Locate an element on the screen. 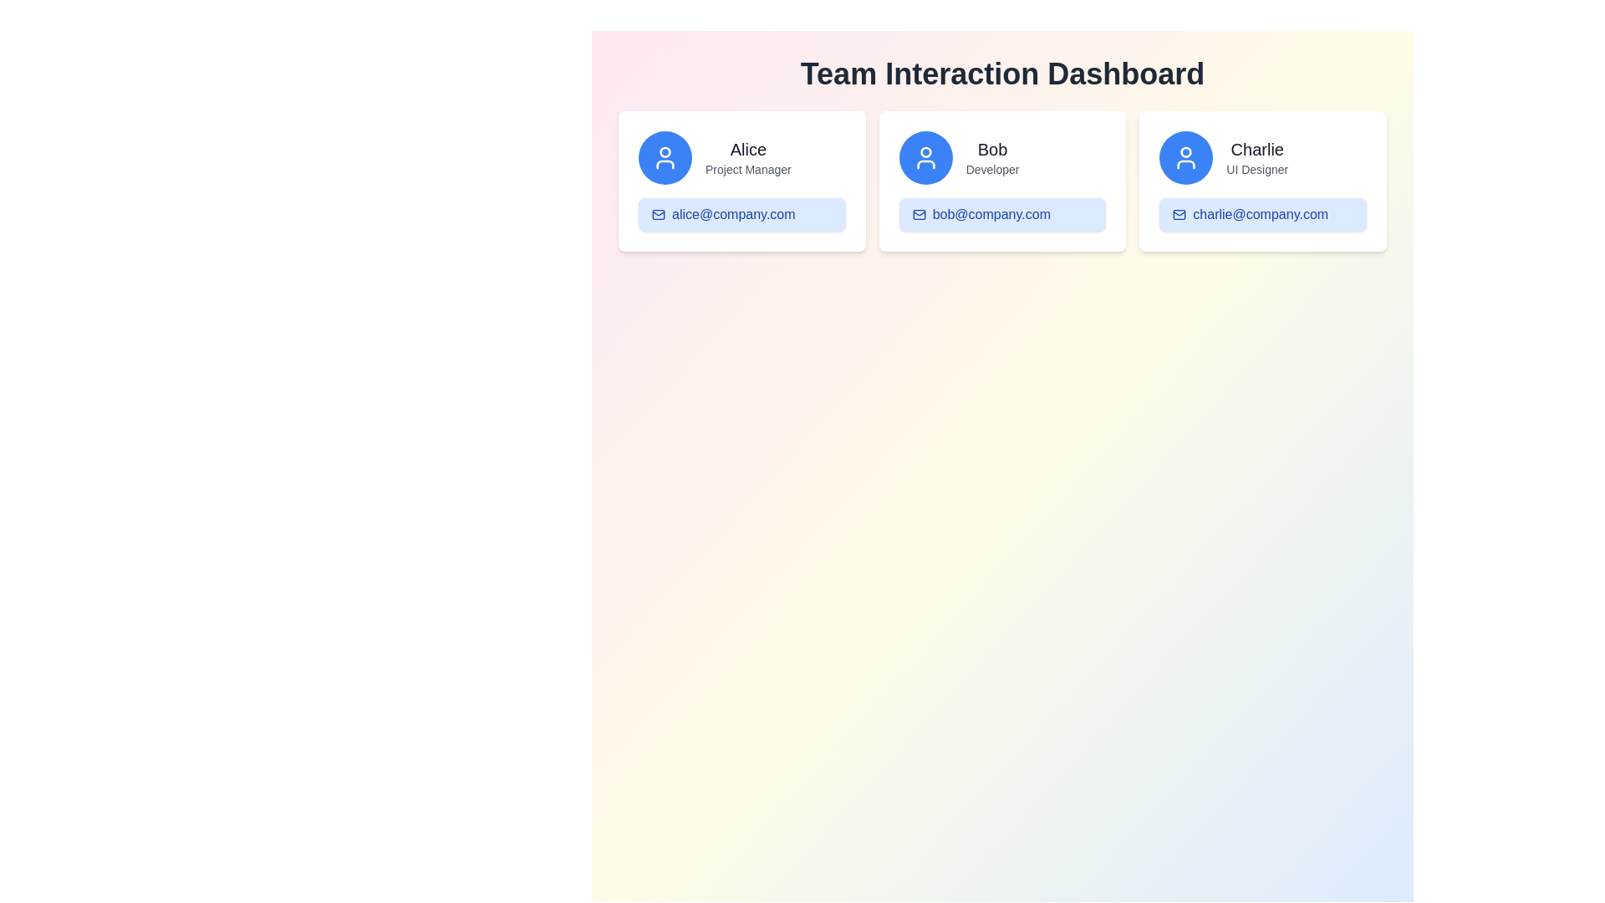  the user profile icon located is located at coordinates (1185, 158).